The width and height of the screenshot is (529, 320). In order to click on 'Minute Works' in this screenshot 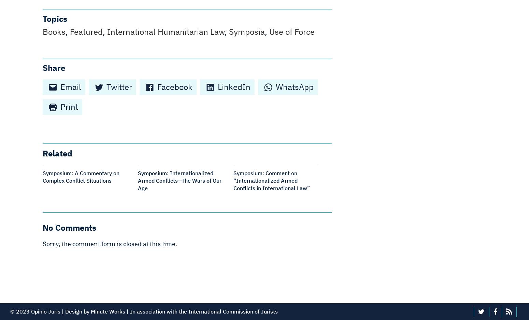, I will do `click(90, 311)`.